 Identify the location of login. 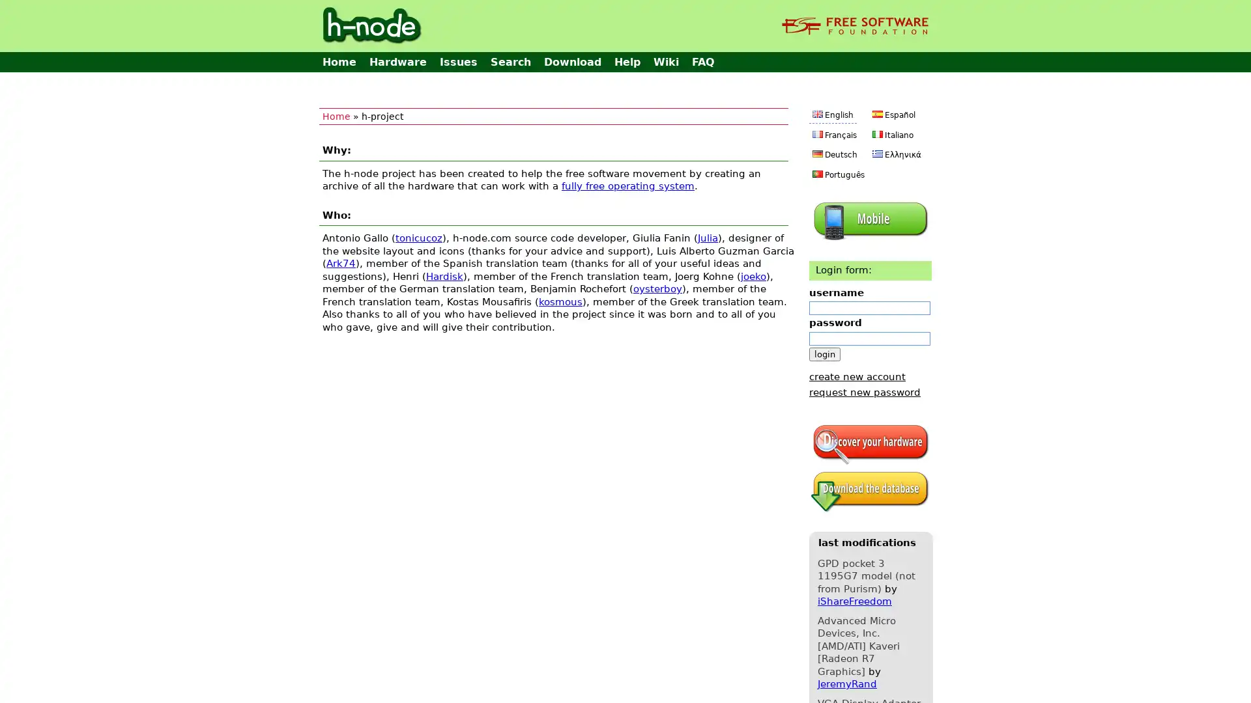
(824, 353).